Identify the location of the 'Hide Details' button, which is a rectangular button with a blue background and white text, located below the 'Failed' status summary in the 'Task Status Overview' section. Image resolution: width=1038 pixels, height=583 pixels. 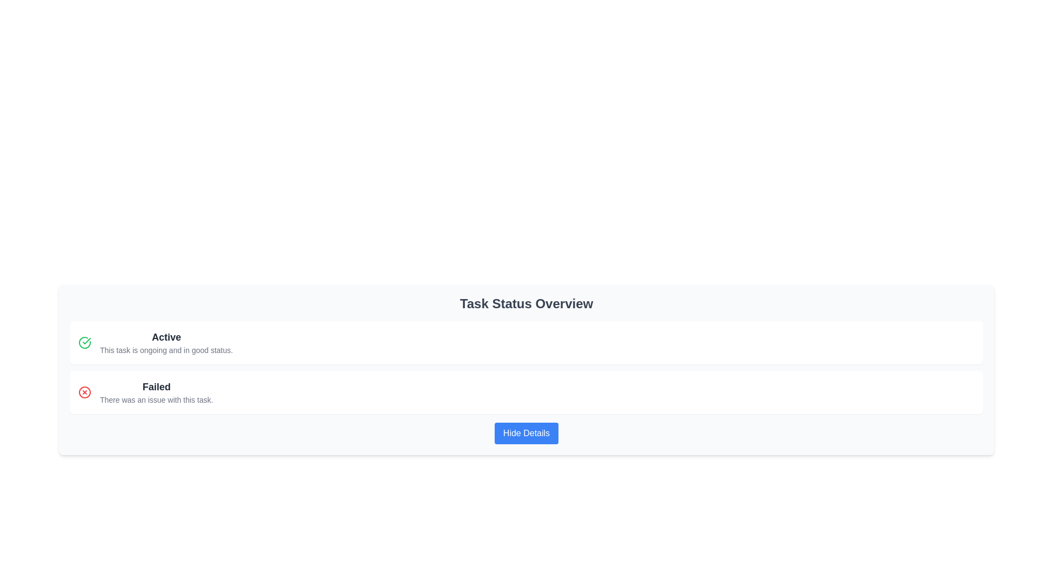
(527, 432).